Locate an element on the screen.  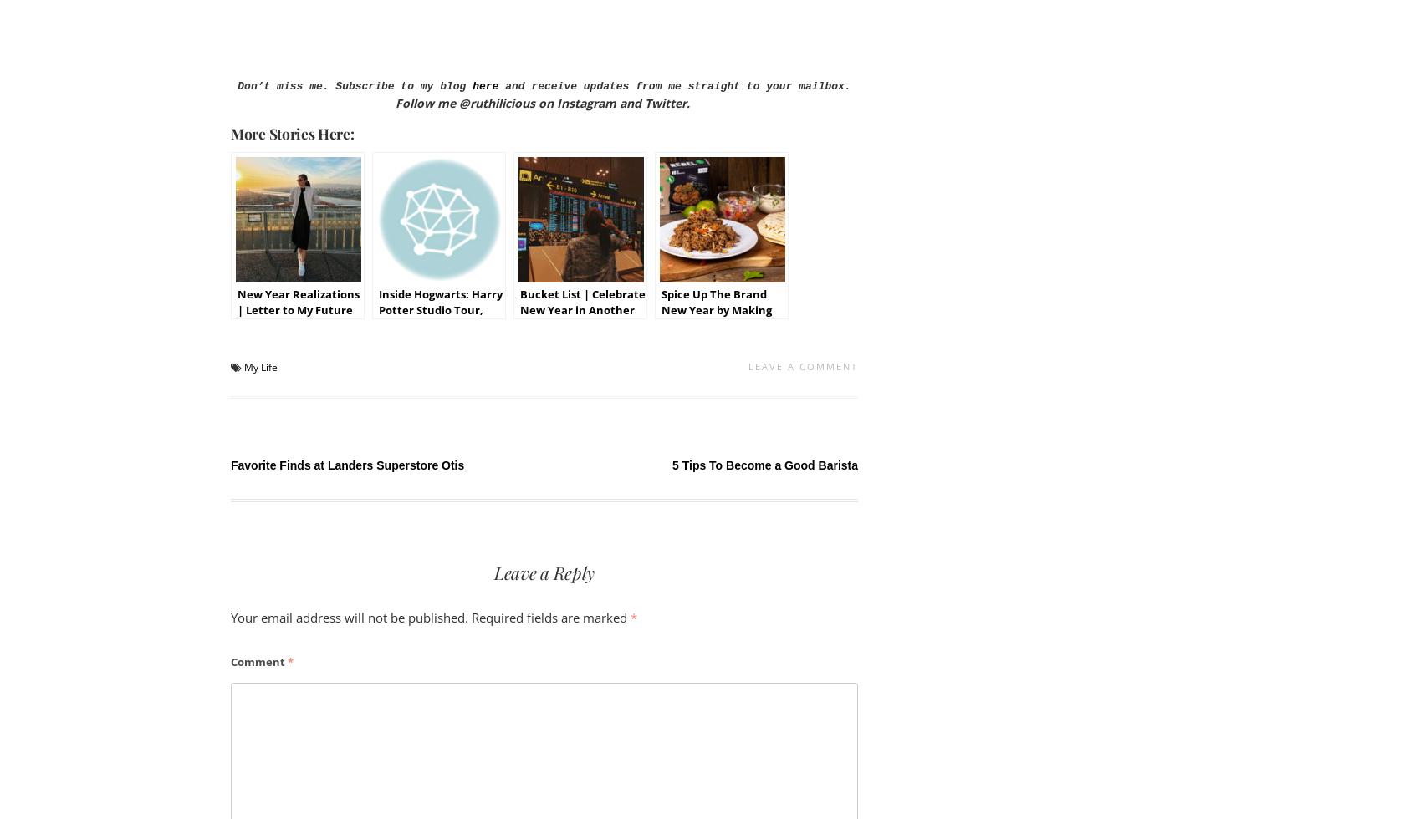
'here' is located at coordinates (484, 86).